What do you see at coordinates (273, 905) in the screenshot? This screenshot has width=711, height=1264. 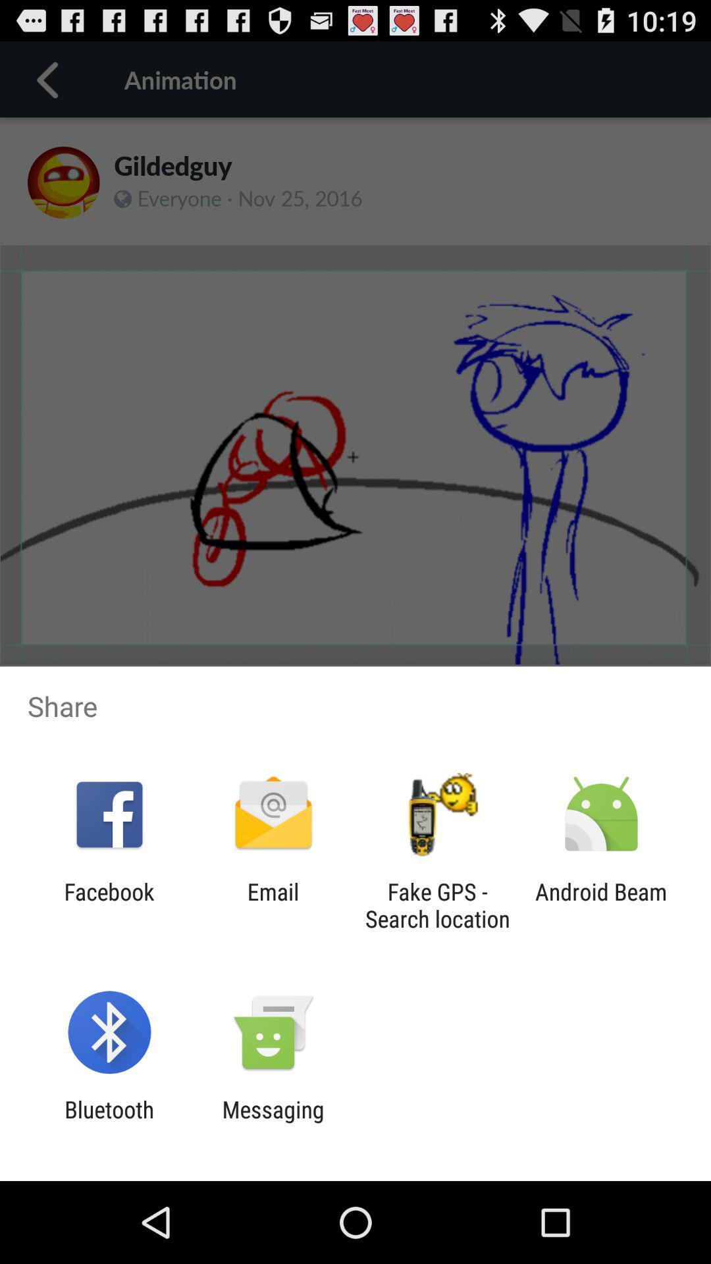 I see `the item to the left of the fake gps search icon` at bounding box center [273, 905].